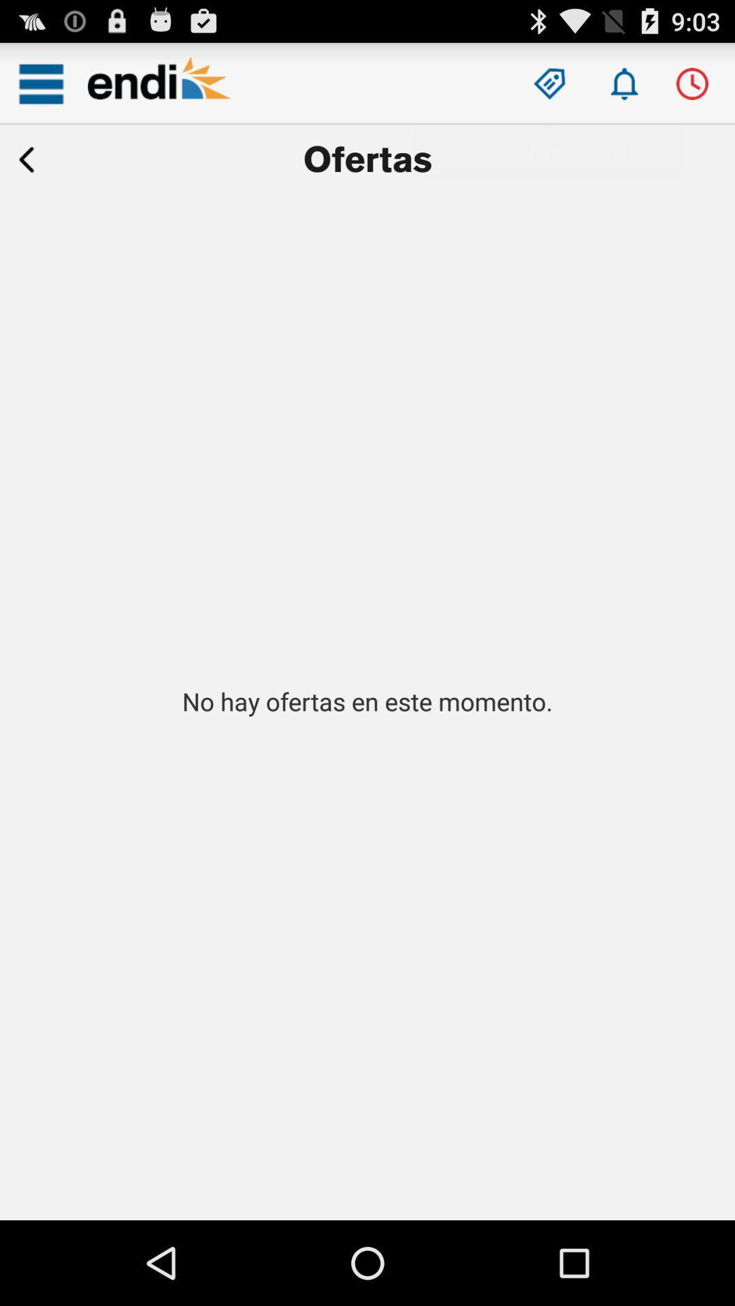 The image size is (735, 1306). I want to click on the arrow_backward icon, so click(27, 170).